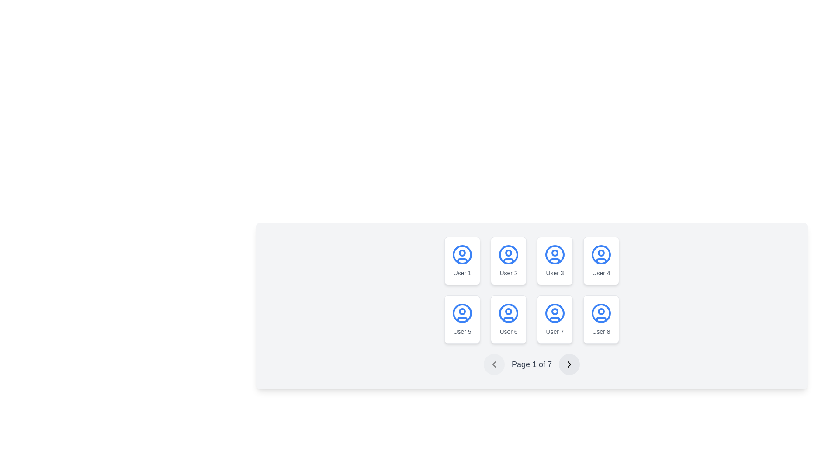 This screenshot has width=839, height=472. I want to click on the user profile icon, which is a circular blue icon located at the center of the white card above the label 'User 4', so click(601, 254).